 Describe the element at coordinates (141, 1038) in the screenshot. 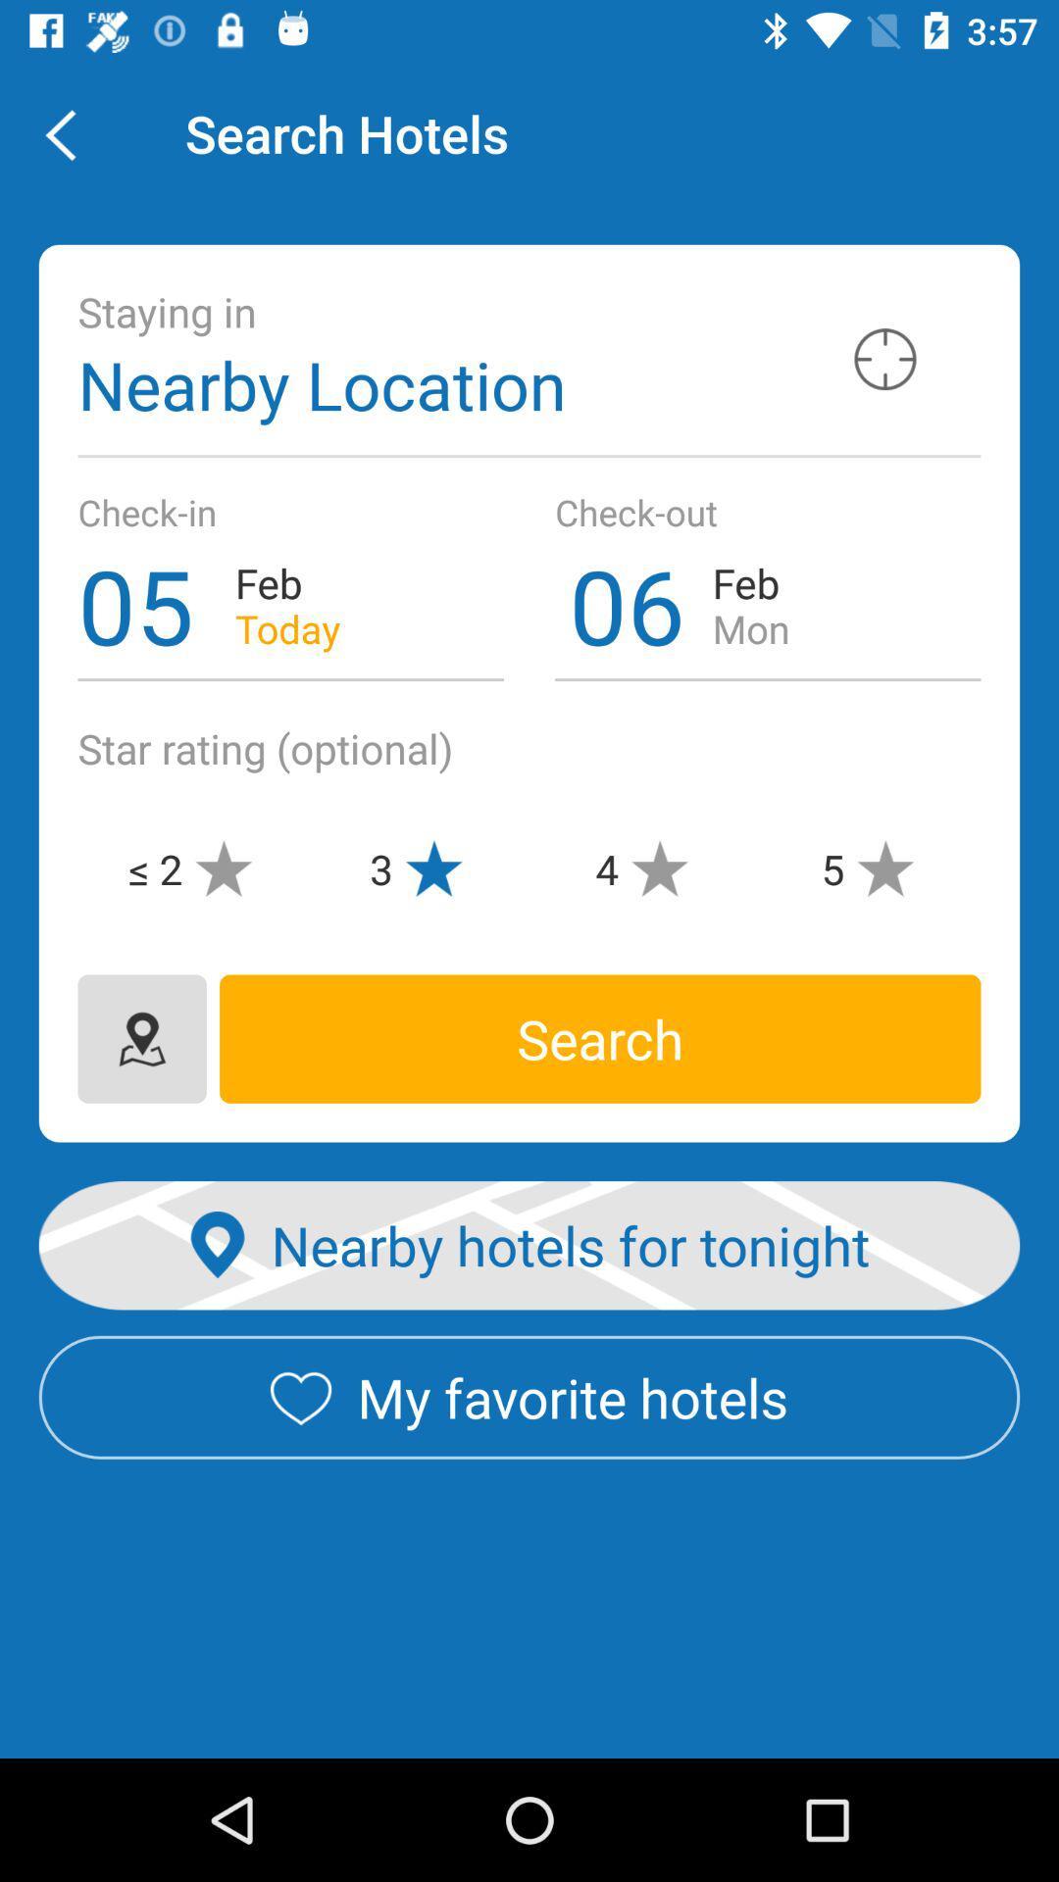

I see `the location icon` at that location.